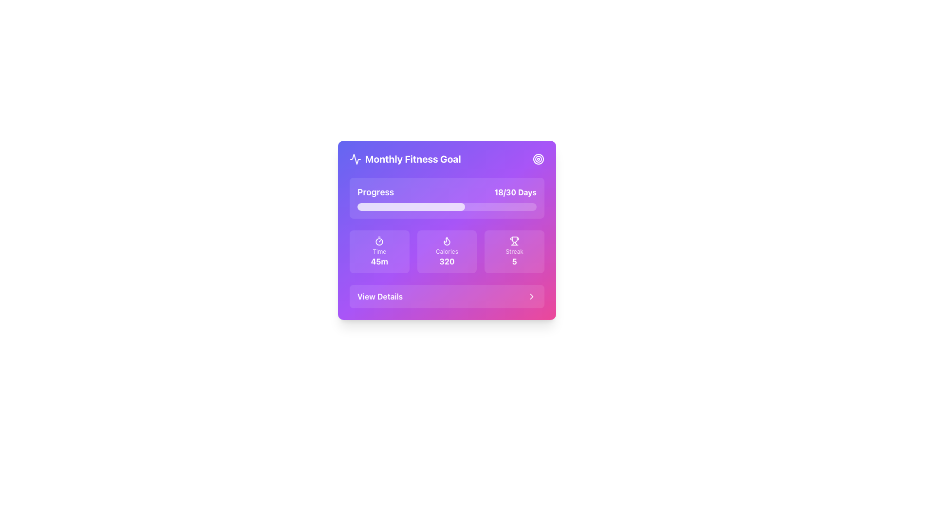  What do you see at coordinates (375, 192) in the screenshot?
I see `the text label reading 'Progress', which is styled in bold, white font and located at the top-left section of a purple rectangular card interface` at bounding box center [375, 192].